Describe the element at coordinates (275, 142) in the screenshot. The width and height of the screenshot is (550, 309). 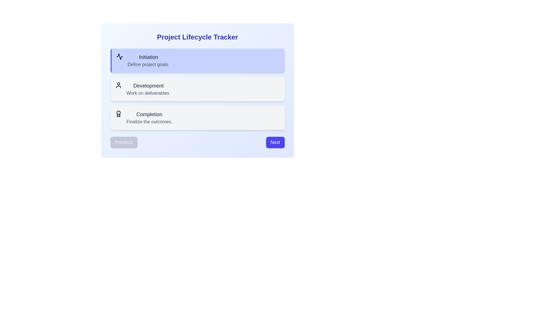
I see `the 'Next' button, which is a rectangular button with rounded corners, deep indigo background, and white text, located at the bottom right corner of the interface` at that location.